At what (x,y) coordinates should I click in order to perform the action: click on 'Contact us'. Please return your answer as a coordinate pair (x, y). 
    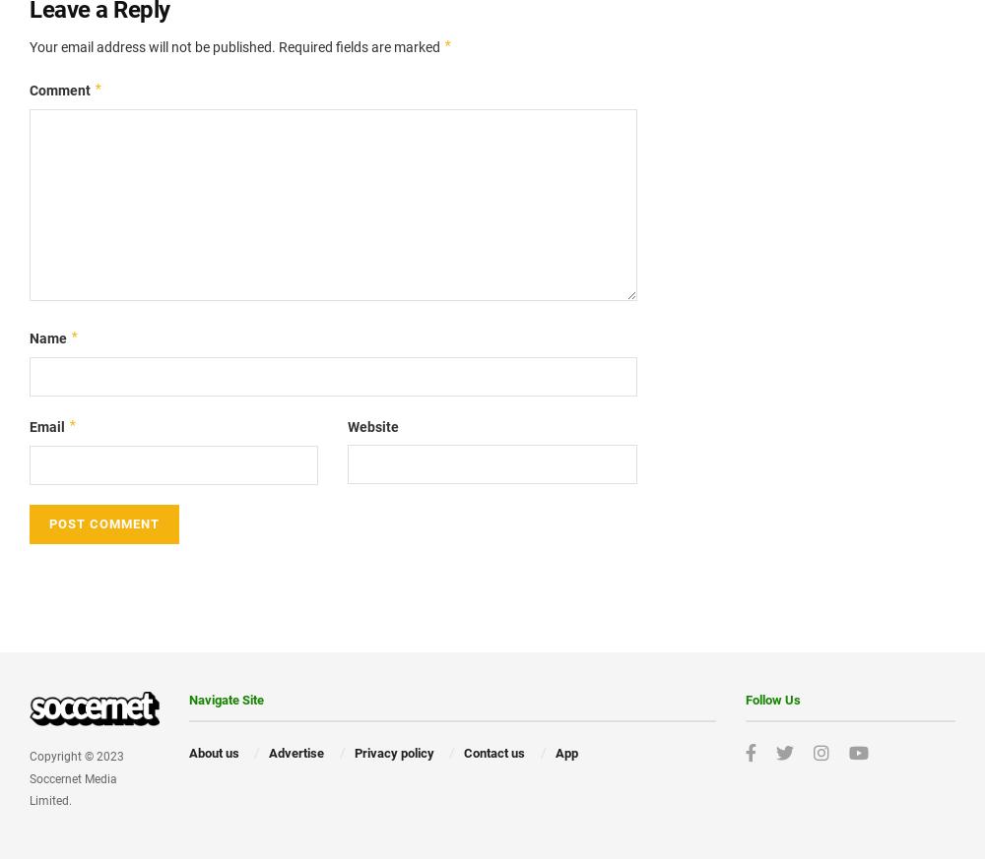
    Looking at the image, I should click on (494, 751).